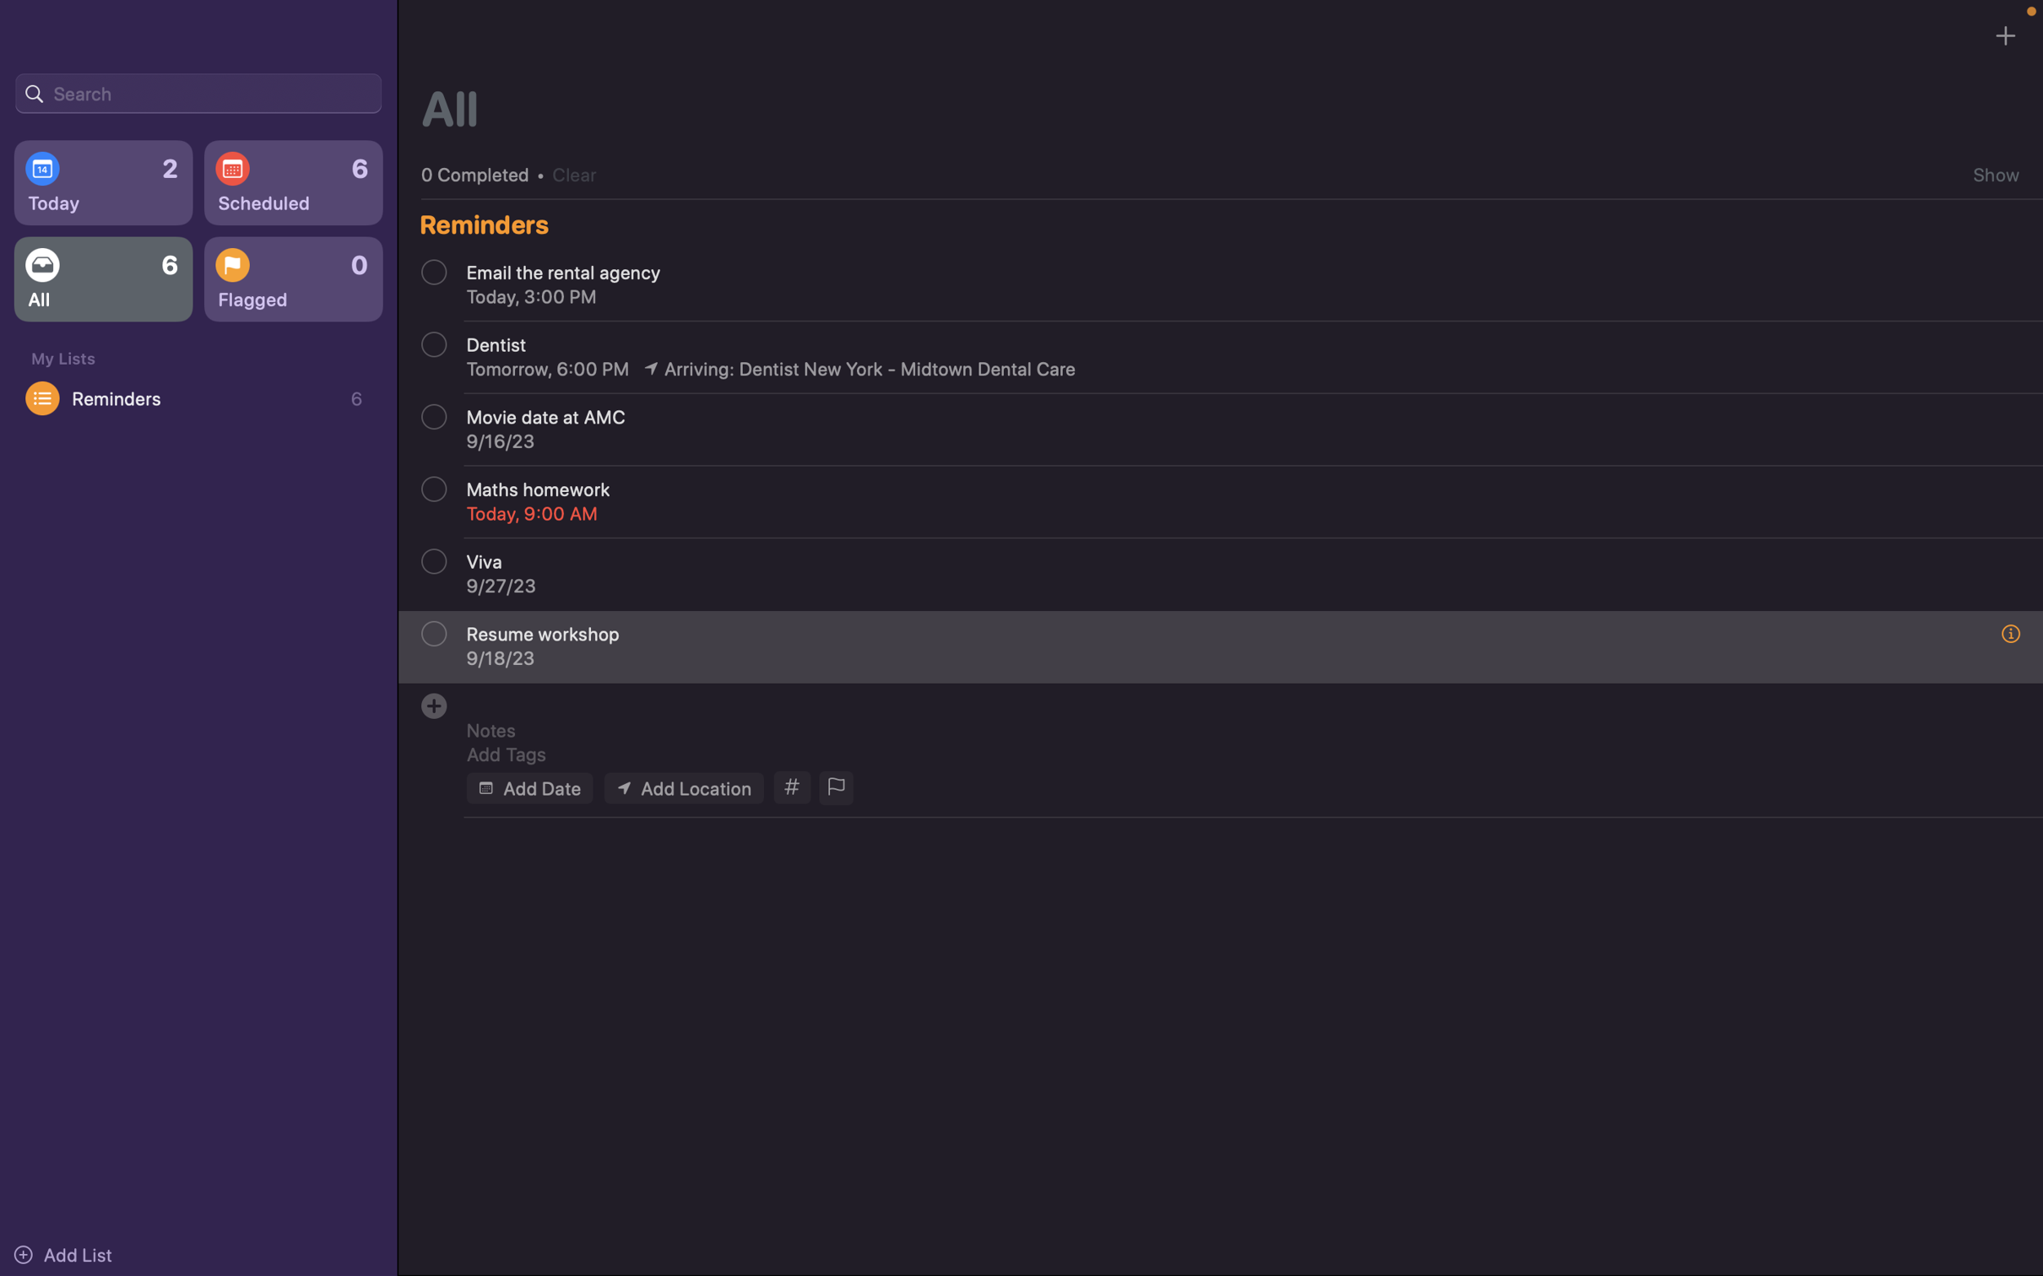  What do you see at coordinates (834, 788) in the screenshot?
I see `Indicate this event as noteworthy` at bounding box center [834, 788].